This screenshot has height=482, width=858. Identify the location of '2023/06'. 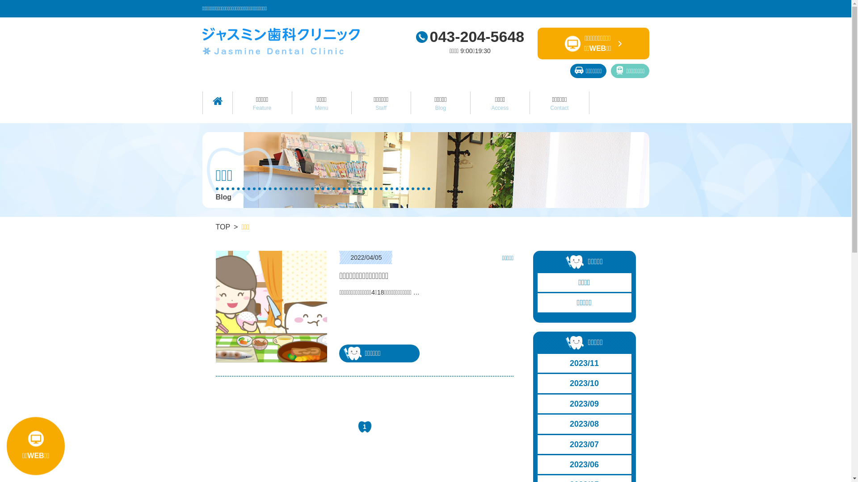
(537, 464).